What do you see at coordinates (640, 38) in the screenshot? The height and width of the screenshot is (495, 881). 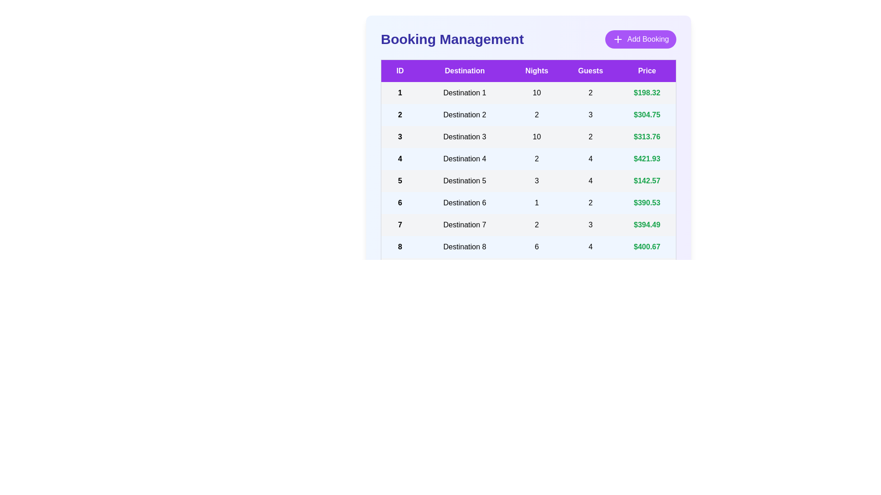 I see `'Add Booking' button to add a new booking entry` at bounding box center [640, 38].